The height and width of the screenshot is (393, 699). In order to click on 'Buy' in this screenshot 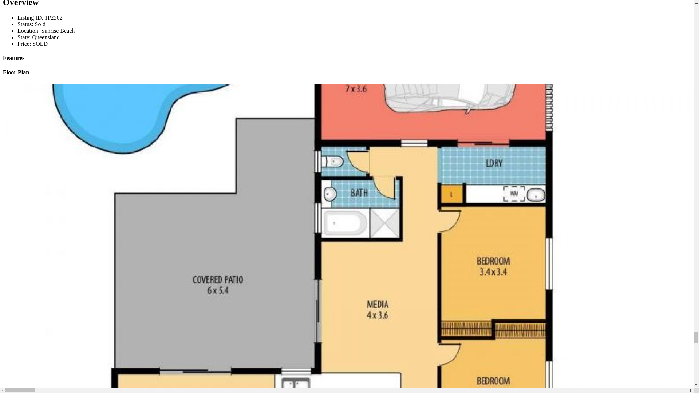, I will do `click(22, 9)`.